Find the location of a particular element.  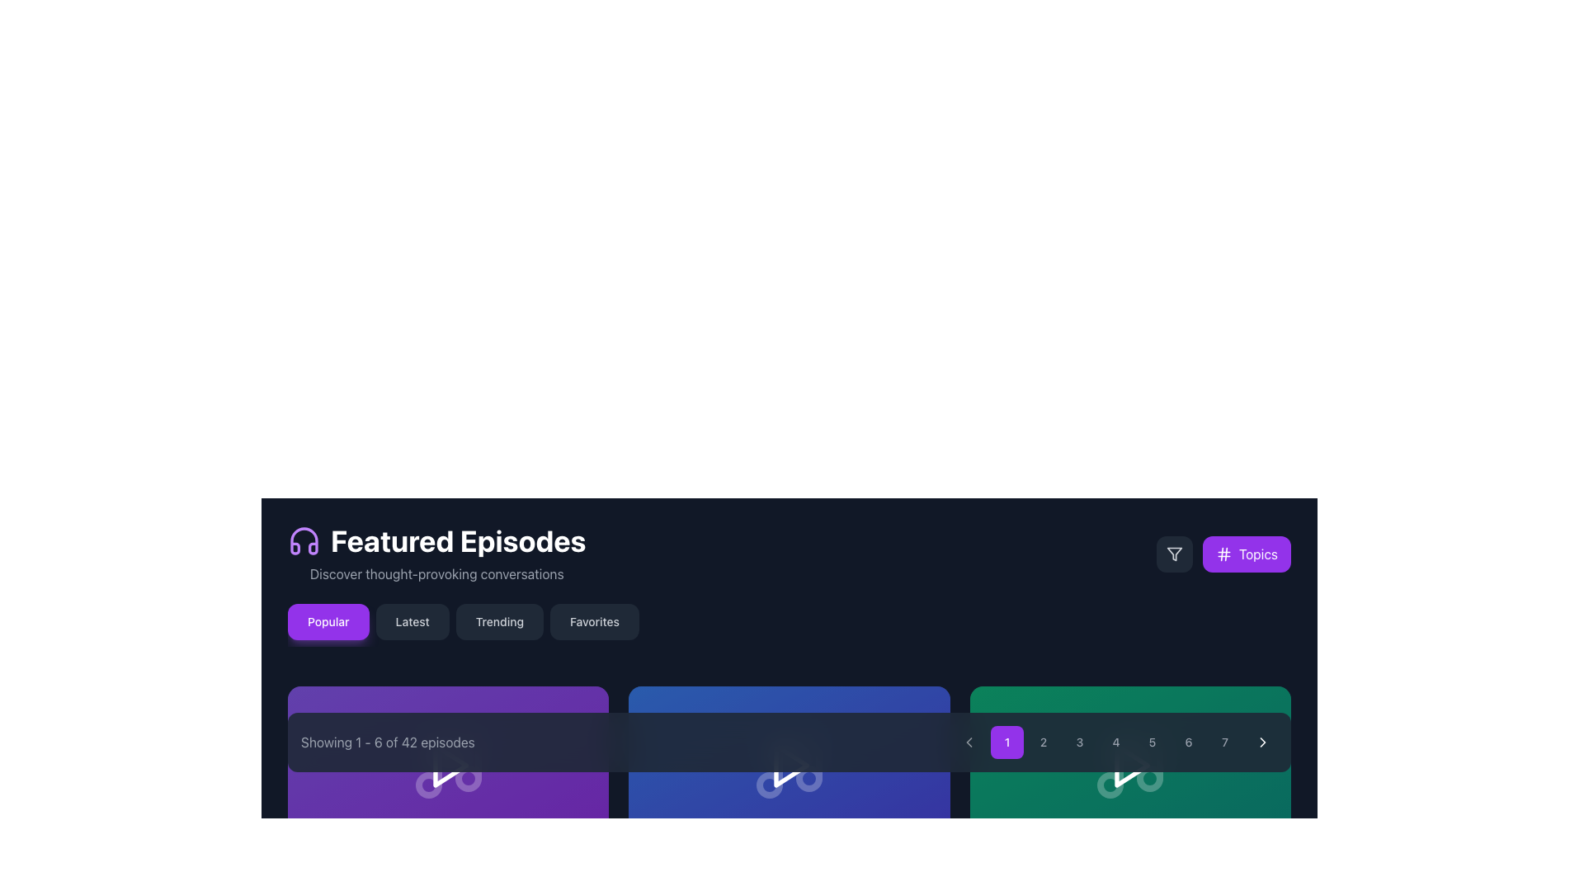

text label that reads 'Discover thought-provoking conversations', which is located below the 'Featured Episodes' heading and to the right of a headphone icon is located at coordinates (436, 573).